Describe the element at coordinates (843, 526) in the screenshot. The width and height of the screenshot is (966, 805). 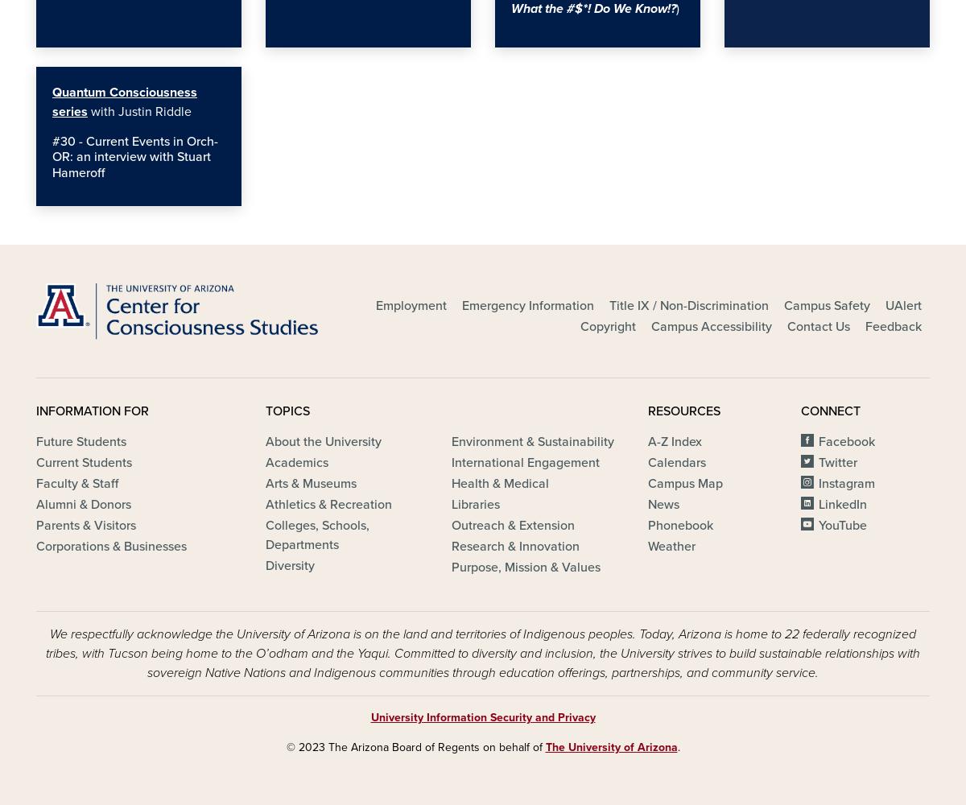
I see `'YouTube'` at that location.